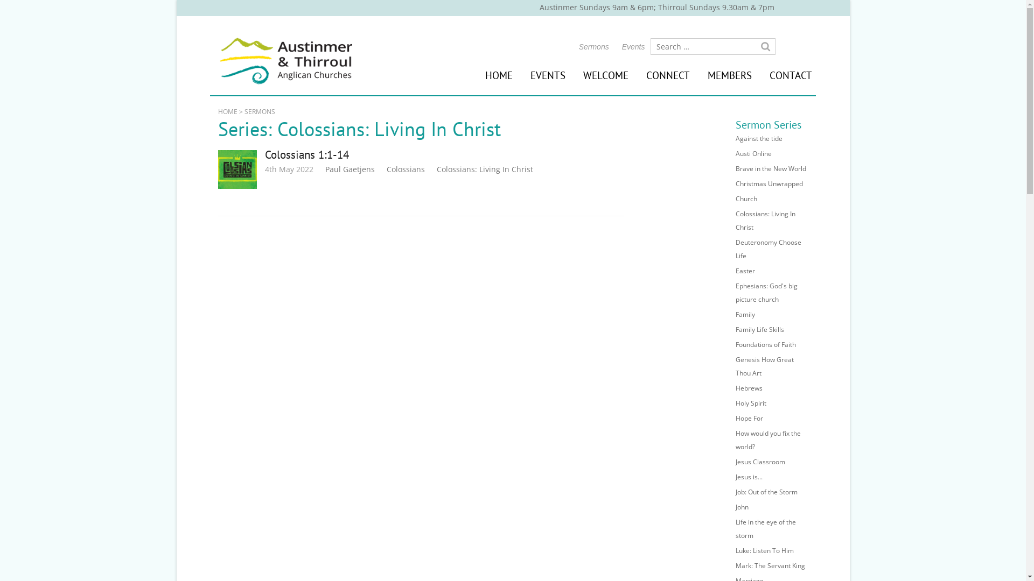  What do you see at coordinates (768, 183) in the screenshot?
I see `'Christmas Unwrapped'` at bounding box center [768, 183].